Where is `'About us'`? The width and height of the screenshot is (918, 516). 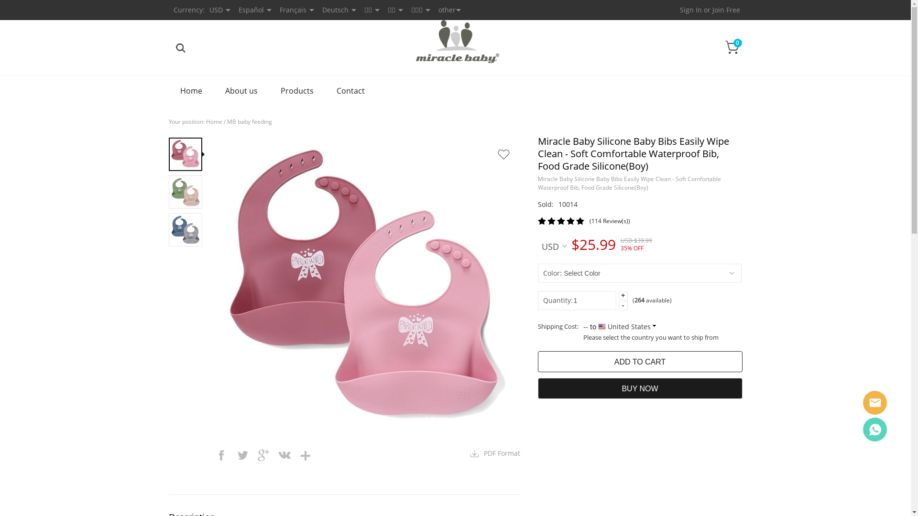
'About us' is located at coordinates (241, 90).